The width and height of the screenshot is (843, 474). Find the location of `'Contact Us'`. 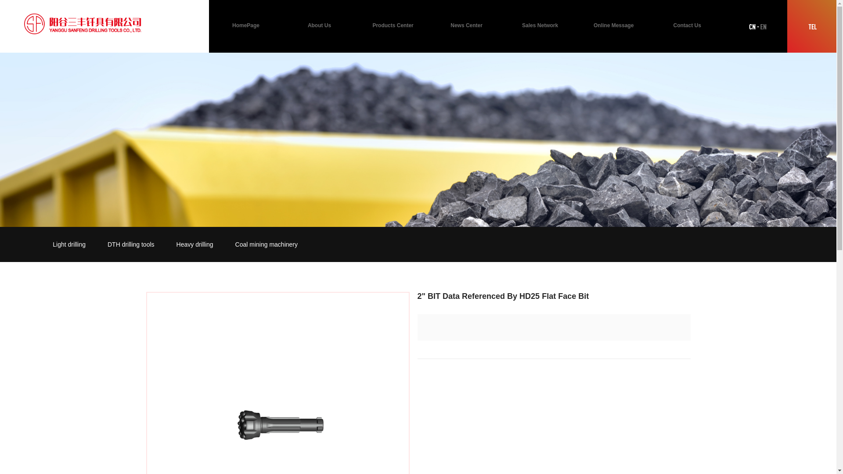

'Contact Us' is located at coordinates (686, 25).